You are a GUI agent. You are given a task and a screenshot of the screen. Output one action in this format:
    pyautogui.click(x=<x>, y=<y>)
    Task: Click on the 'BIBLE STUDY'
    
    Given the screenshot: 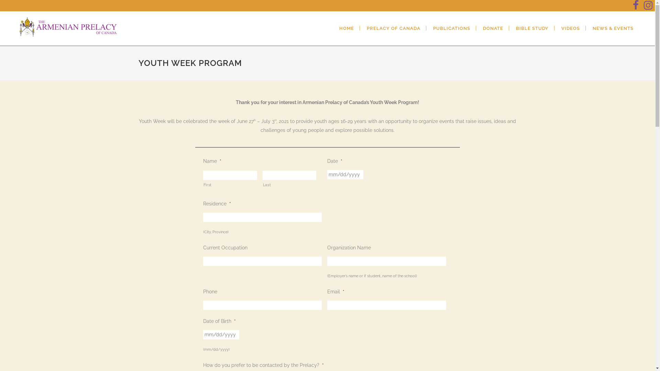 What is the action you would take?
    pyautogui.click(x=532, y=28)
    